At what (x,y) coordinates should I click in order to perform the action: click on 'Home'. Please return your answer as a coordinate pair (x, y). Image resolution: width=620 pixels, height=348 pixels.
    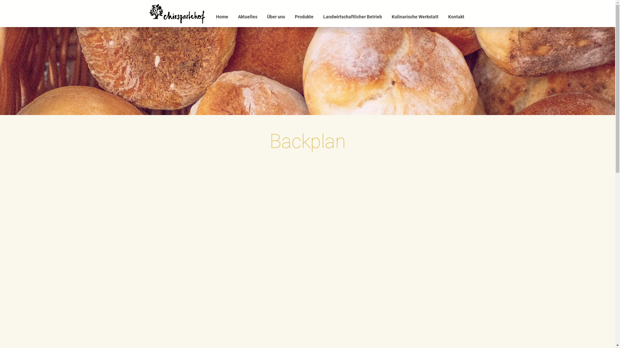
    Looking at the image, I should click on (222, 16).